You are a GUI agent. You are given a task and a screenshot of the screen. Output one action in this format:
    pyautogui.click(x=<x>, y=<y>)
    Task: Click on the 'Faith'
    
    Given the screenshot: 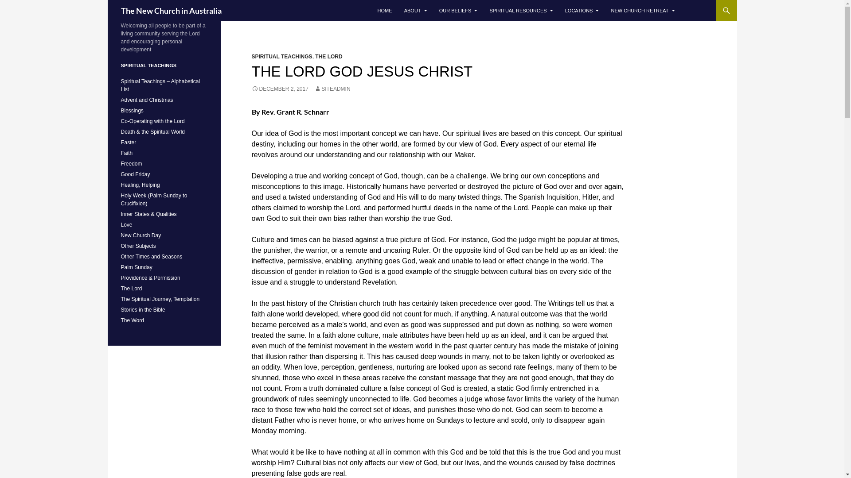 What is the action you would take?
    pyautogui.click(x=126, y=153)
    